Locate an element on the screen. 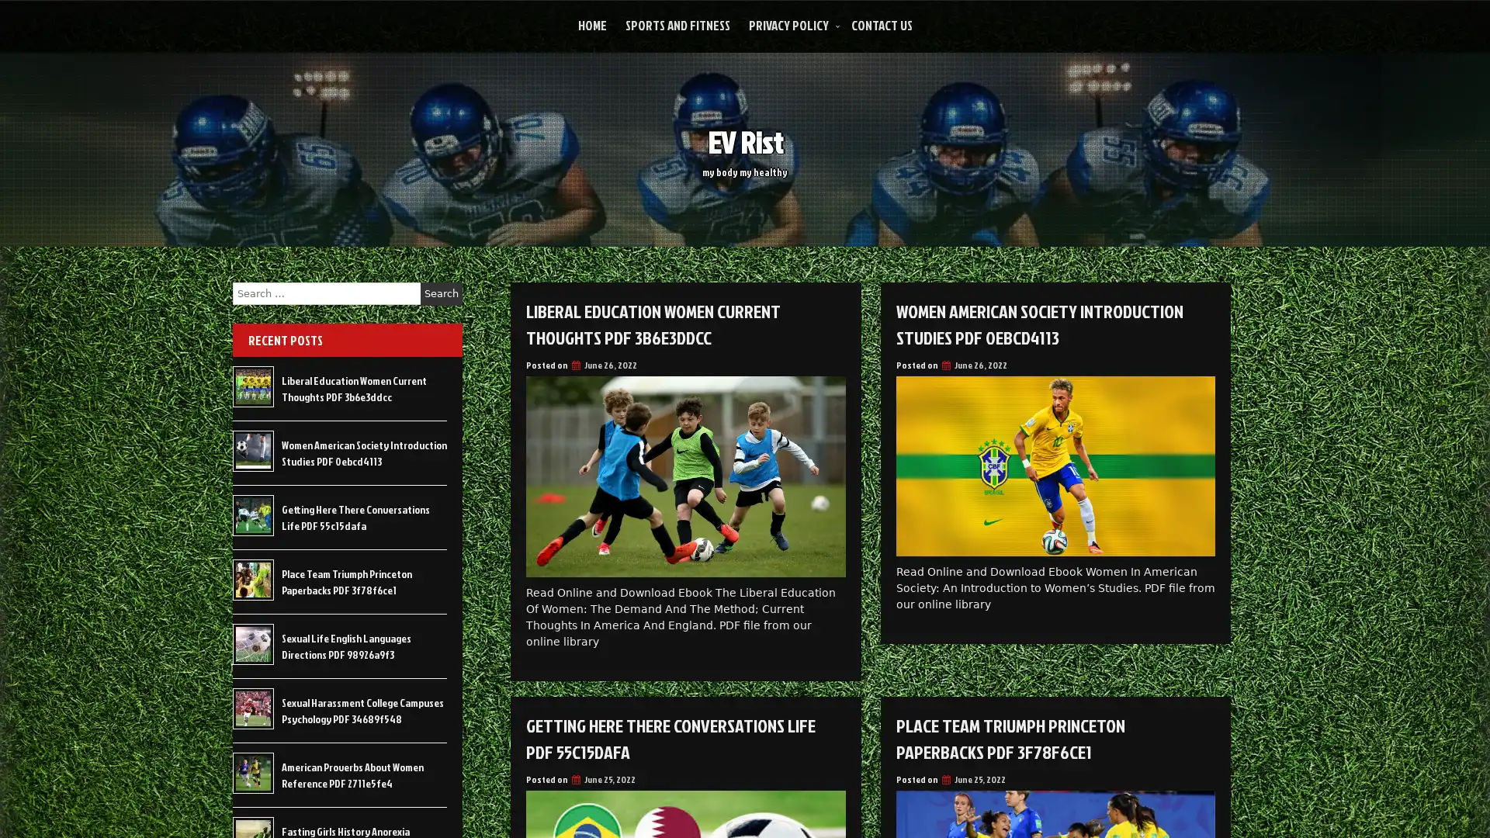  Search is located at coordinates (441, 293).